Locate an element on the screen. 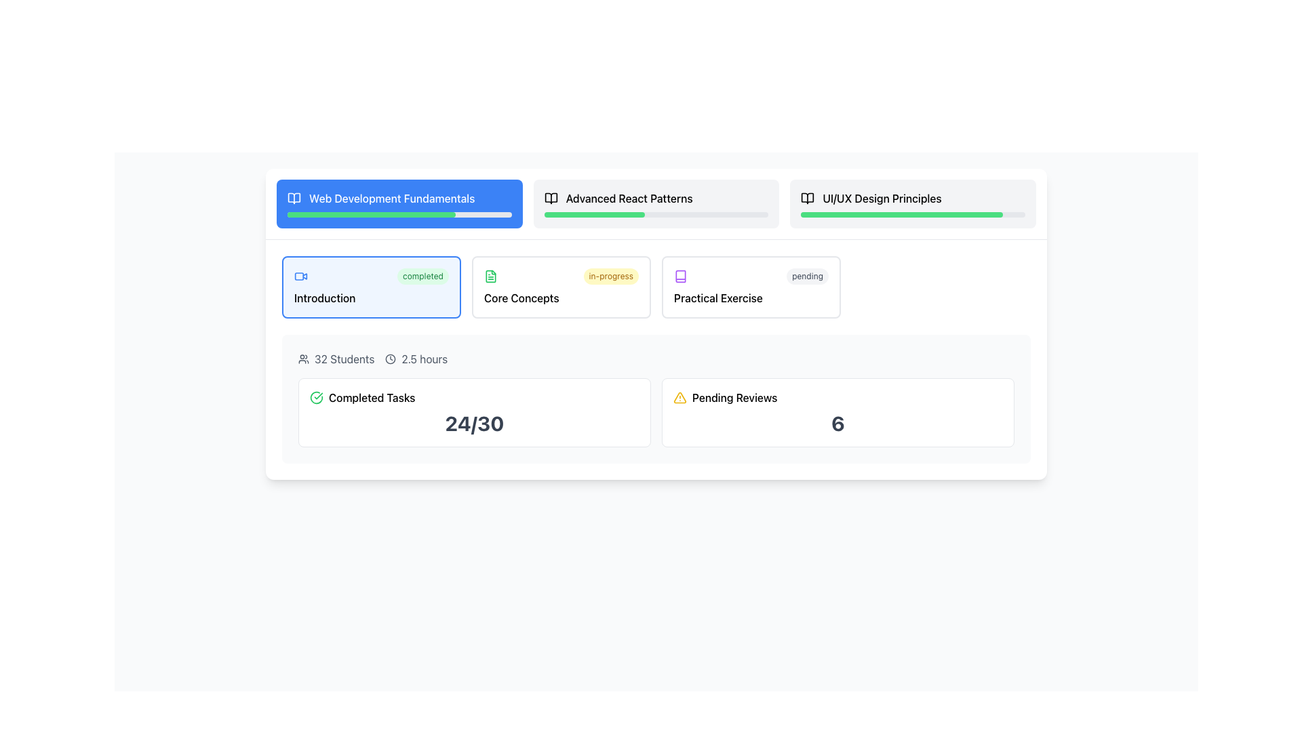 The image size is (1302, 732). the small document icon with a green border located to the left of the 'in-progress' label is located at coordinates (490, 276).